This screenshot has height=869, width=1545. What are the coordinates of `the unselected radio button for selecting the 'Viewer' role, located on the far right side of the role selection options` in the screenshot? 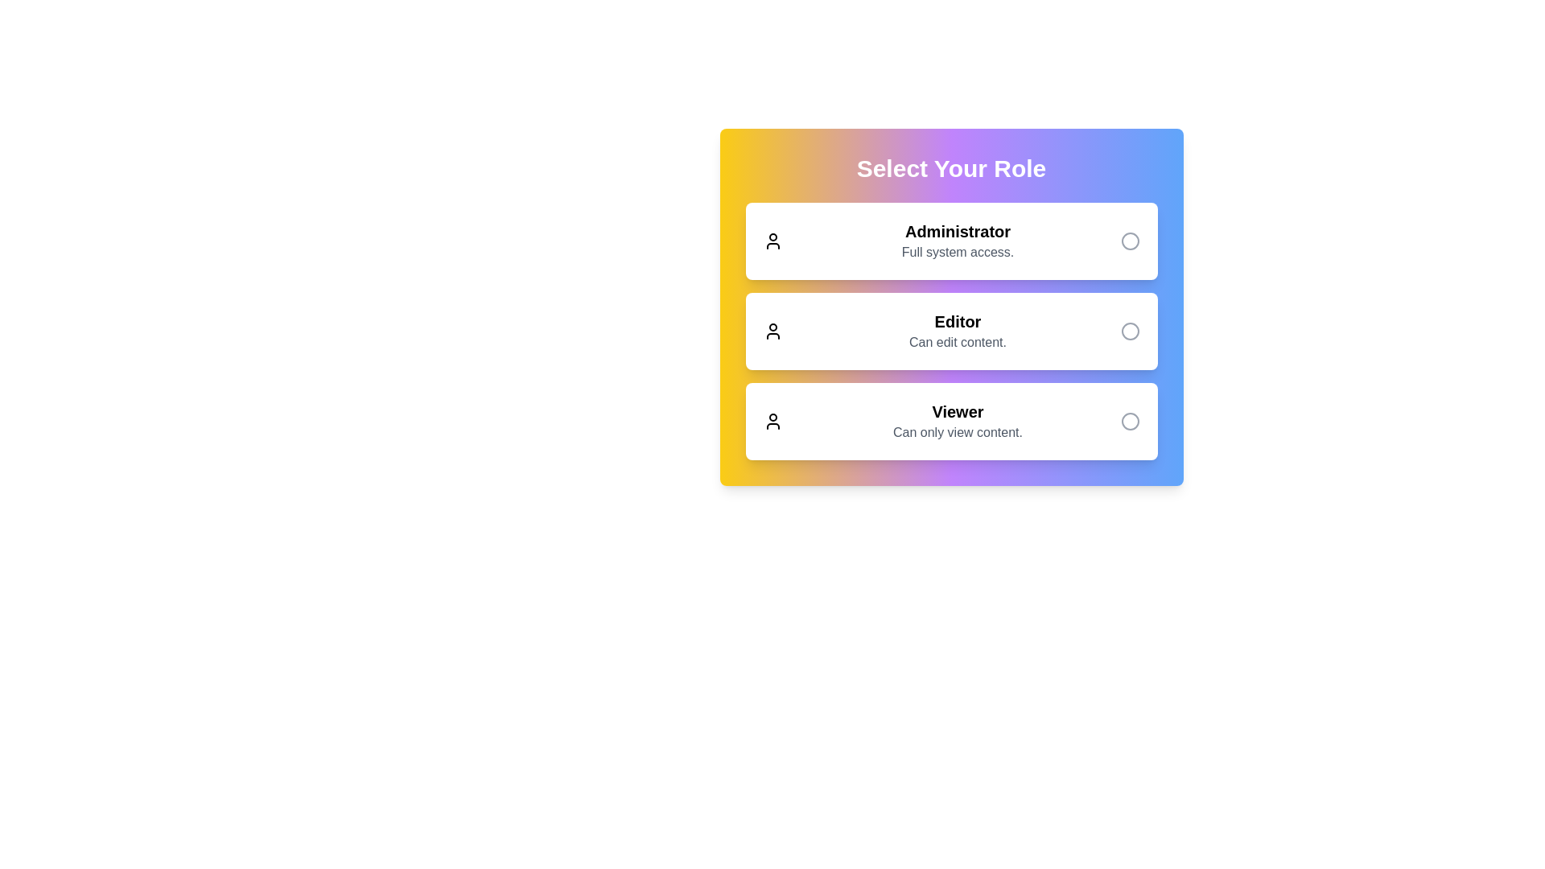 It's located at (1129, 421).